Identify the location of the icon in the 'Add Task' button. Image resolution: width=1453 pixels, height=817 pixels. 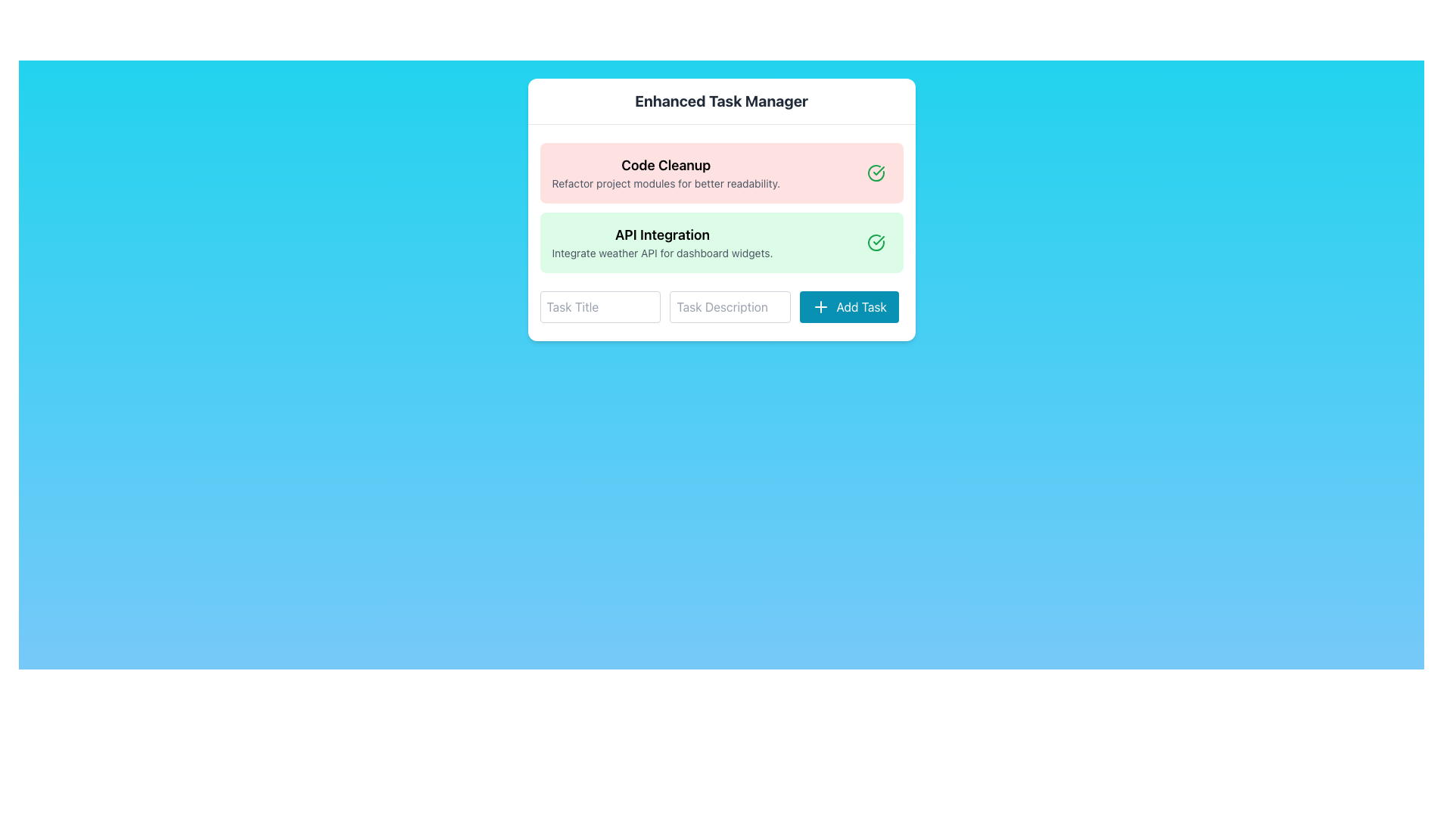
(820, 306).